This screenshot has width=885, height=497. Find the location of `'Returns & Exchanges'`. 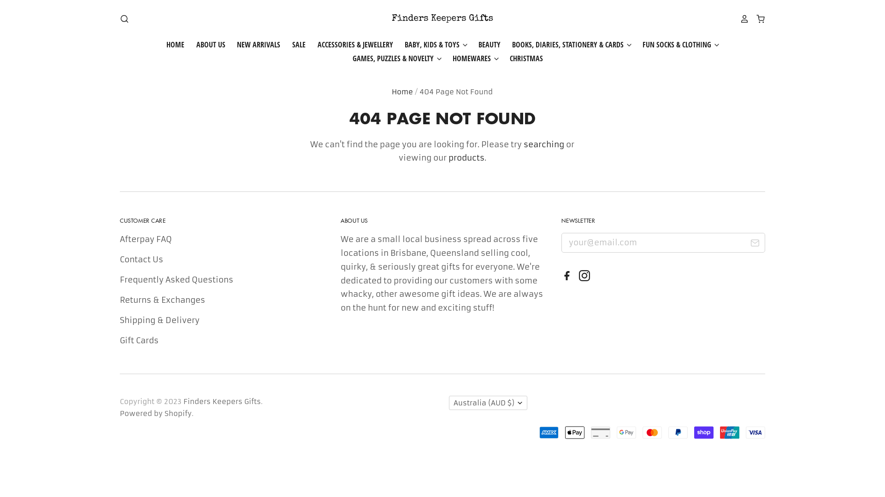

'Returns & Exchanges' is located at coordinates (119, 300).